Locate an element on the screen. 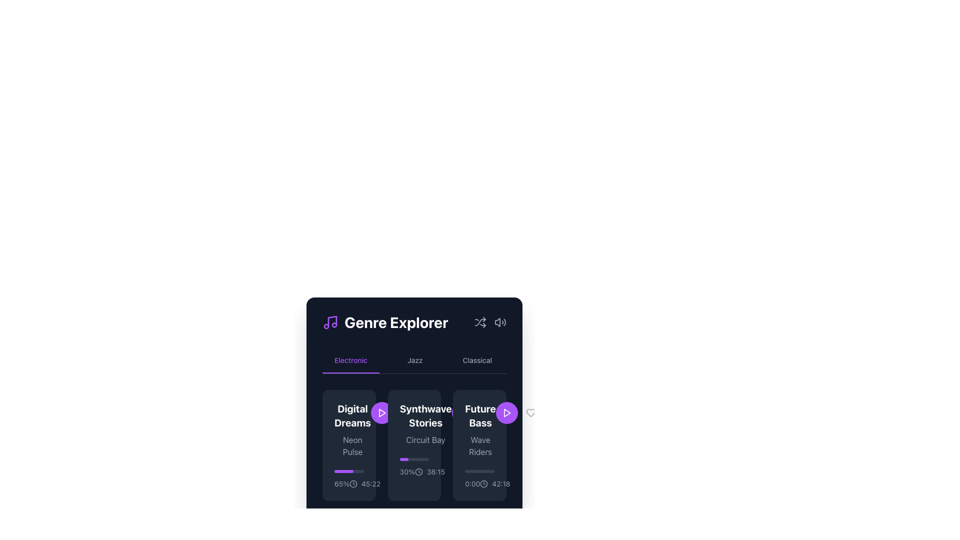  text displayed in the Text display element, which shows 'Future Bass' in bold white font and 'Wave Riders' in smaller gray font, located in the third column of the card layout within the 'Electronic' genre section is located at coordinates (479, 429).